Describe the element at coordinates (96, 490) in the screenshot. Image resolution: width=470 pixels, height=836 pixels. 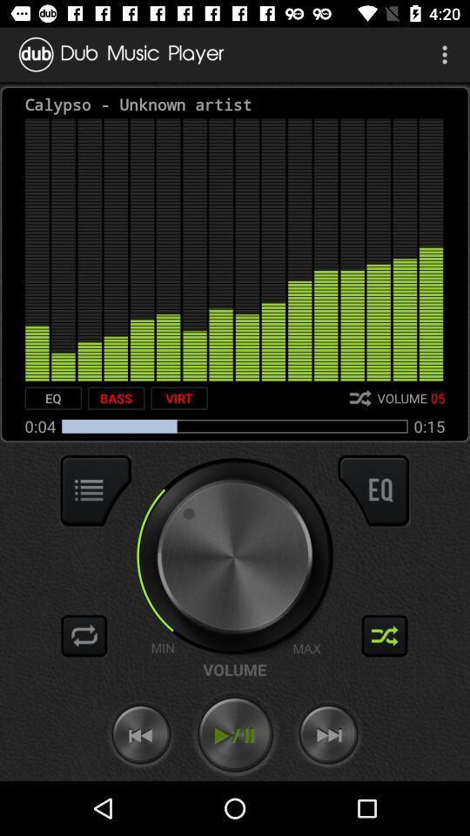
I see `open further options menu` at that location.